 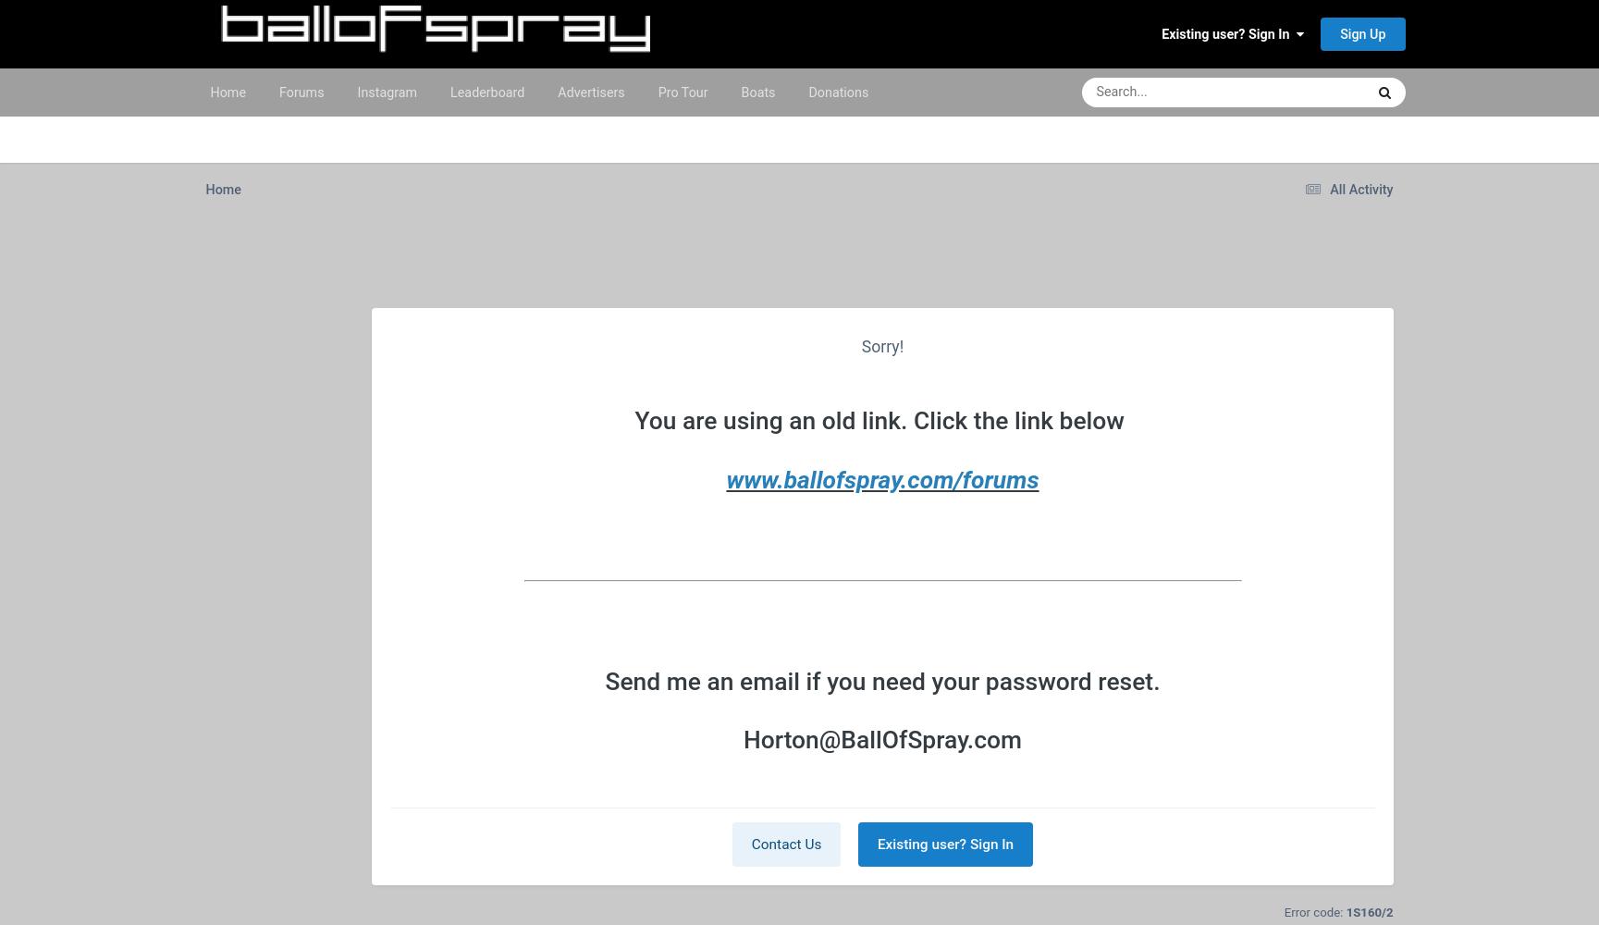 I want to click on 'Contact Us', so click(x=785, y=844).